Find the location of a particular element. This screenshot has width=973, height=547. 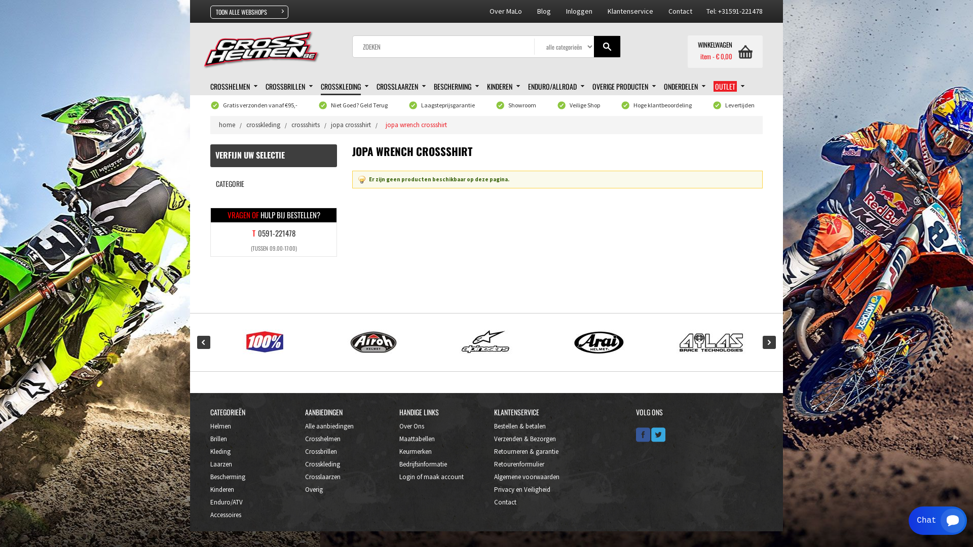

'Smartsupp widget button' is located at coordinates (909, 521).